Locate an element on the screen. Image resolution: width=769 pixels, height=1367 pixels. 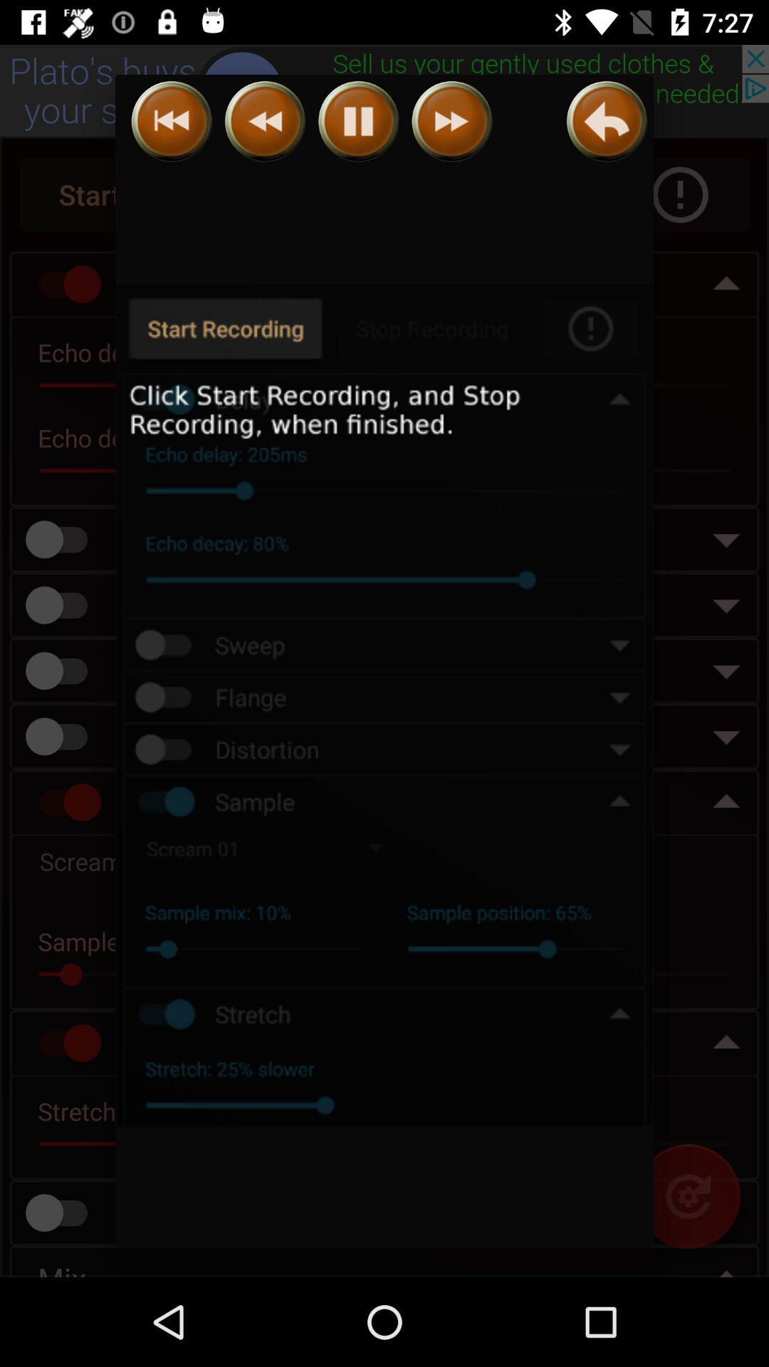
rewind is located at coordinates (171, 121).